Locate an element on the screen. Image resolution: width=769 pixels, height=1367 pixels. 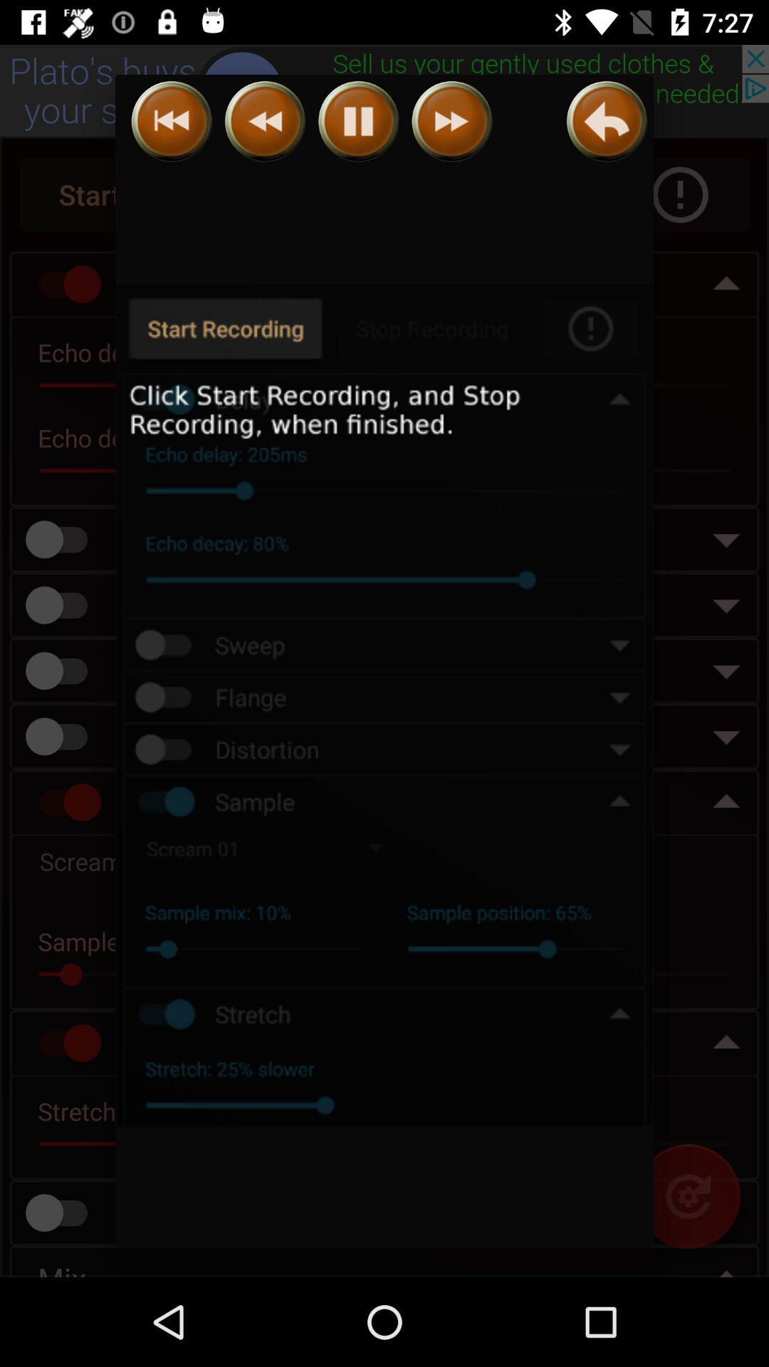
rewind is located at coordinates (171, 121).